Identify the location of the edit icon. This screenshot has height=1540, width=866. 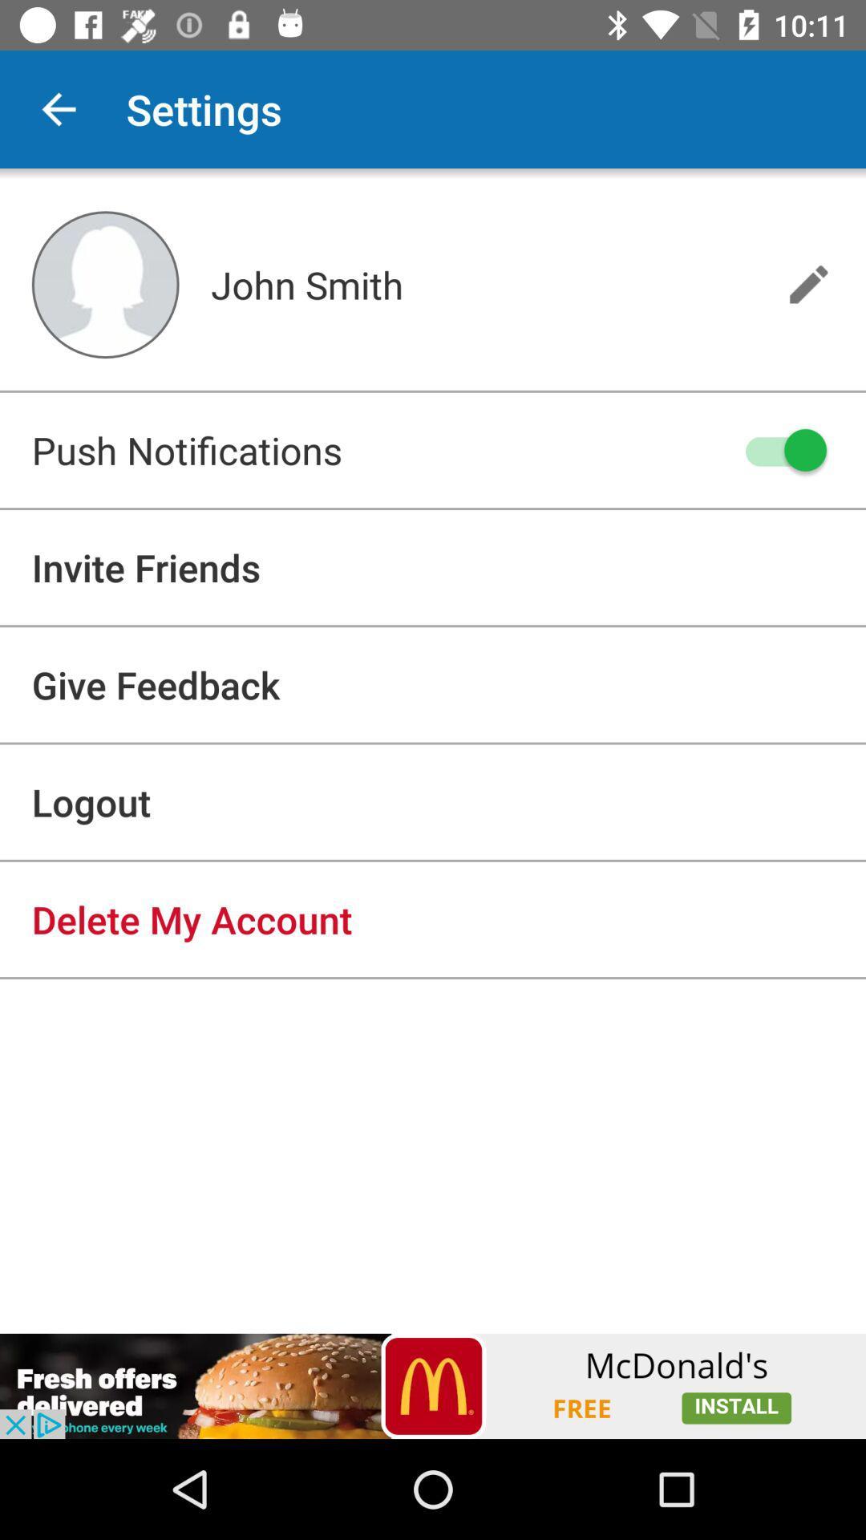
(808, 284).